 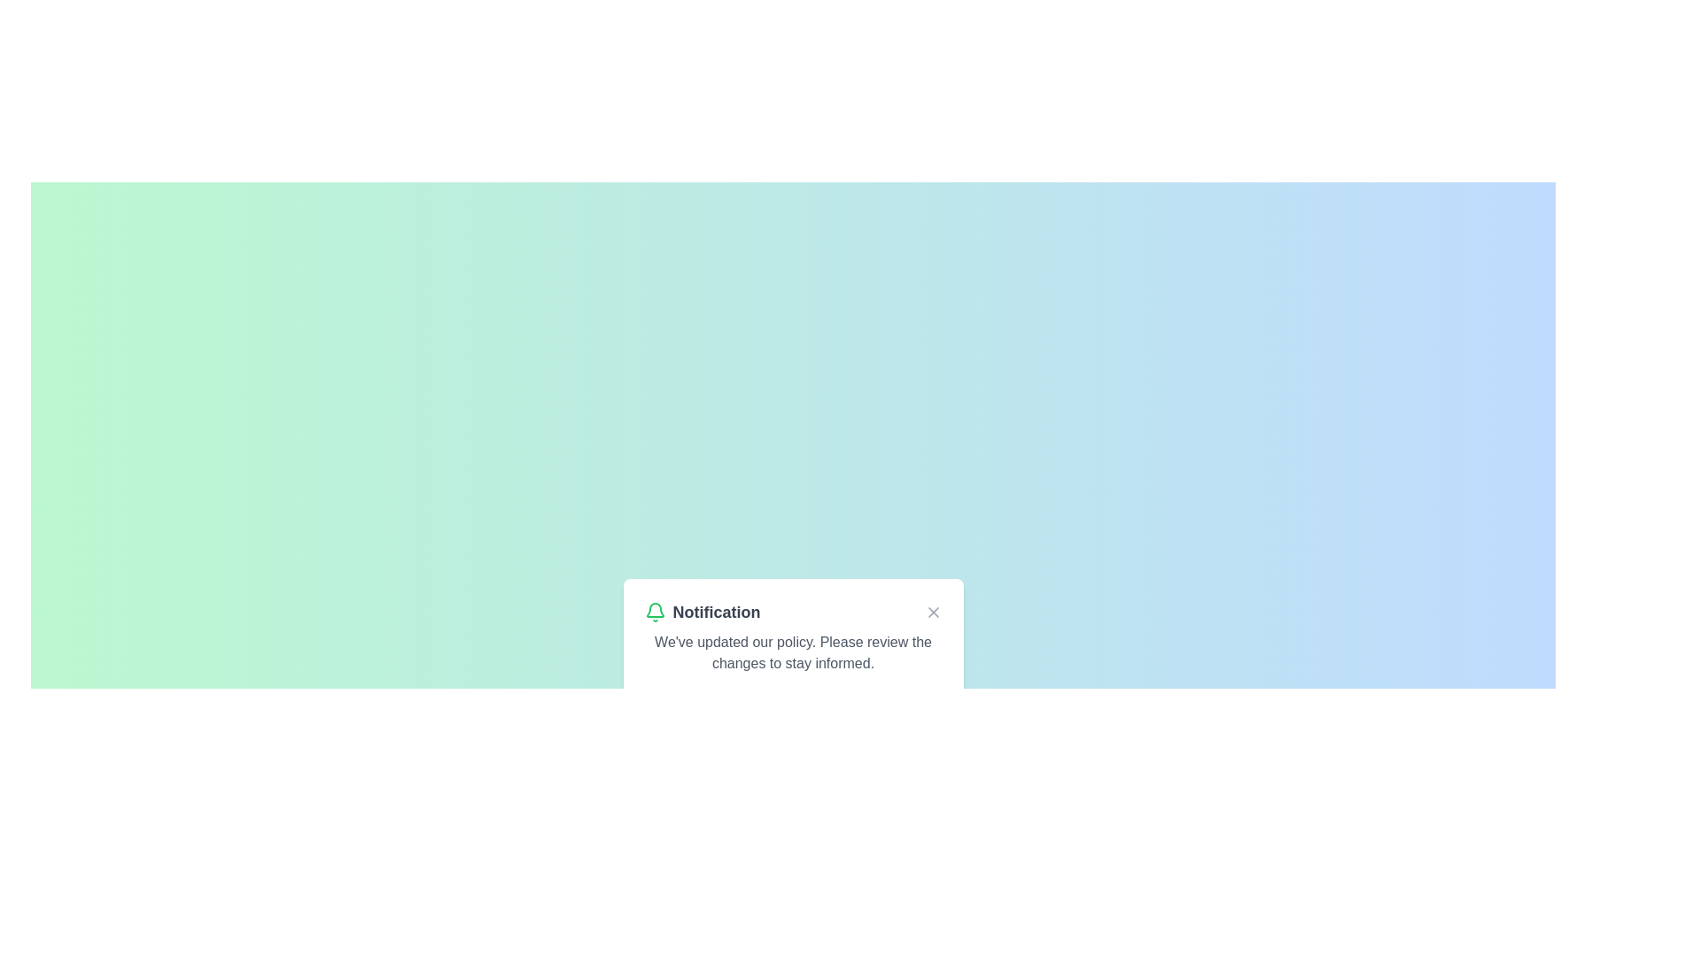 What do you see at coordinates (654, 609) in the screenshot?
I see `the bell-shaped icon representing notifications in the lower central area of the floating notification card` at bounding box center [654, 609].